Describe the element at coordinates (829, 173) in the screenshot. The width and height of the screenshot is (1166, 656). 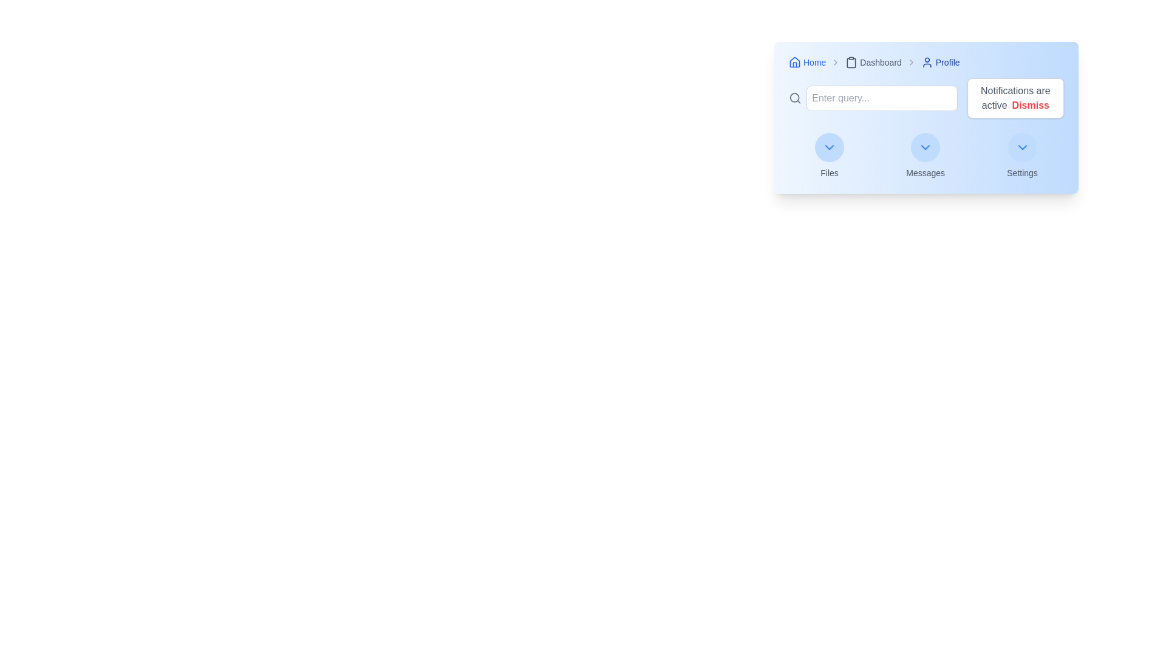
I see `the text label indicating 'Files', which is positioned below the associated icon in the user control panel` at that location.